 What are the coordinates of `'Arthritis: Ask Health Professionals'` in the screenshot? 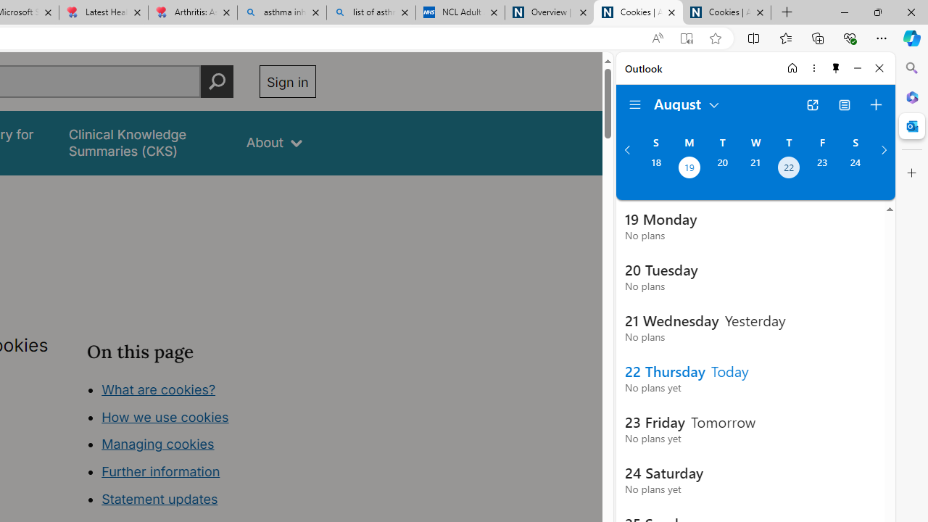 It's located at (191, 12).